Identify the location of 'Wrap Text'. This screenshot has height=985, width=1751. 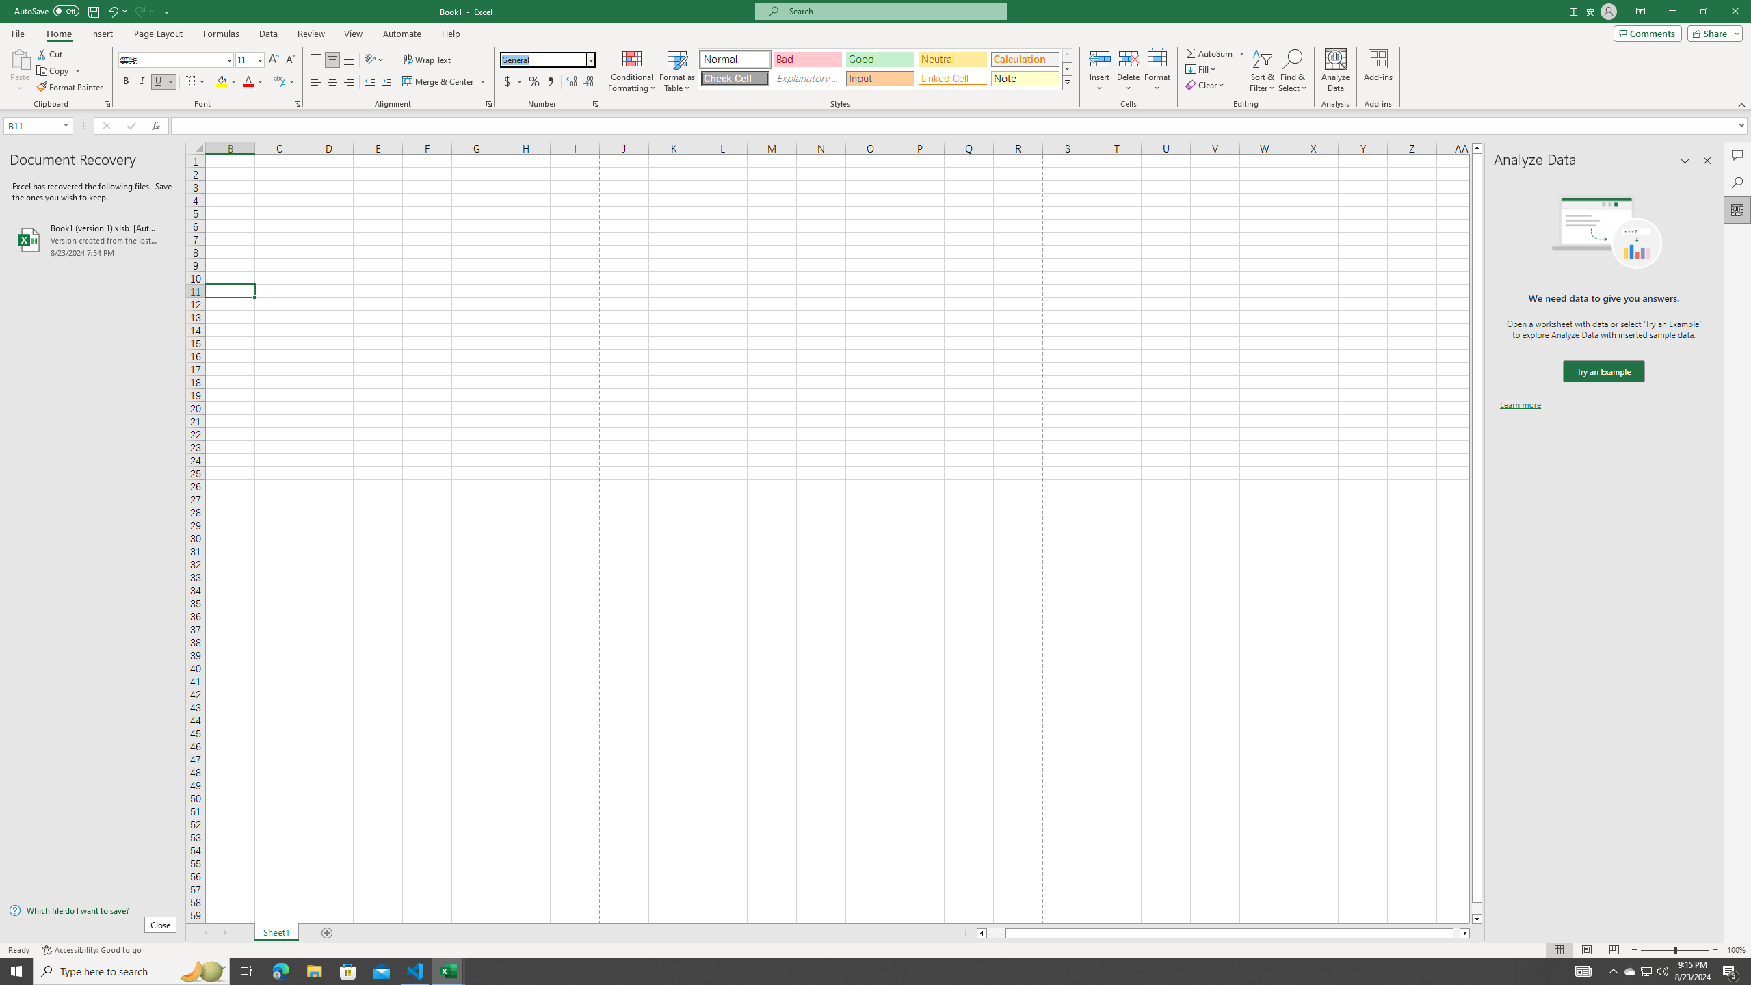
(427, 60).